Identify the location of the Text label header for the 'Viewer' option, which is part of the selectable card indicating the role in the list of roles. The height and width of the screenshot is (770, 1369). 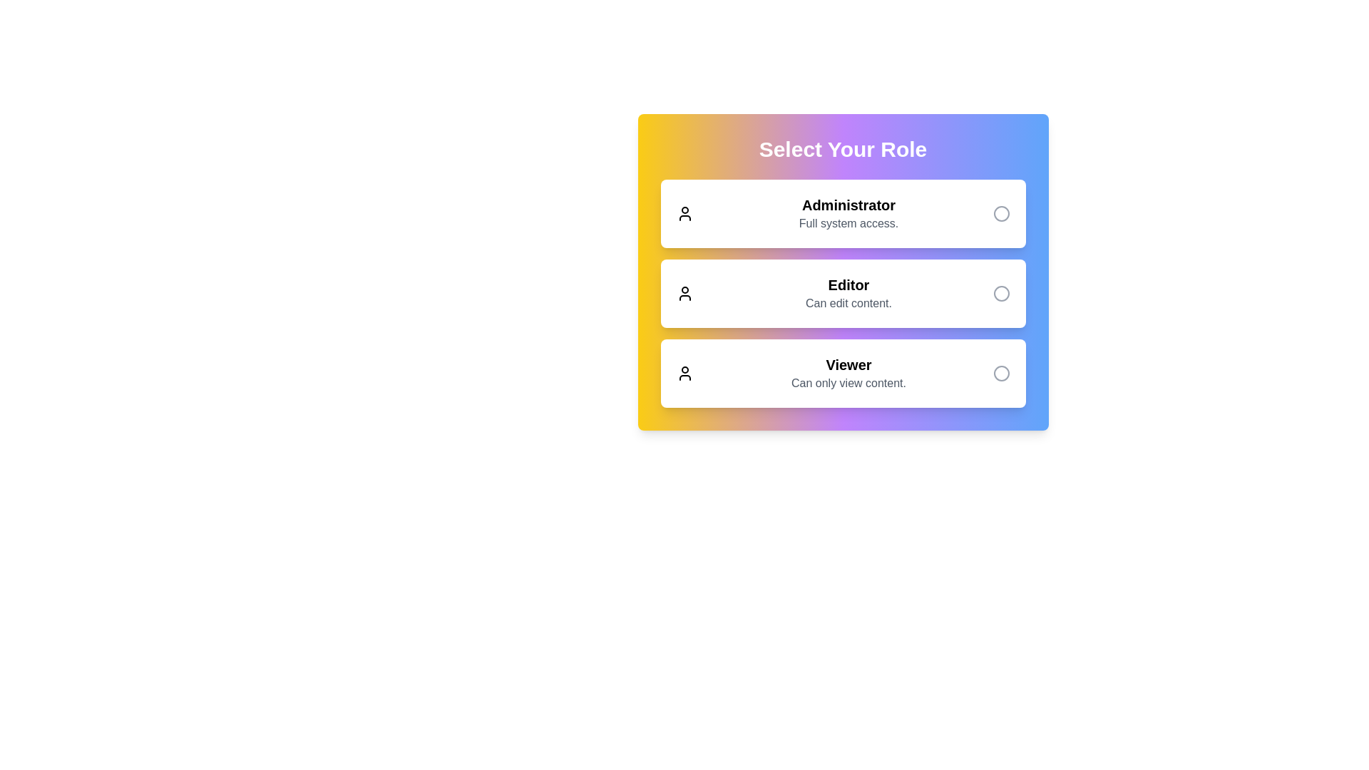
(848, 364).